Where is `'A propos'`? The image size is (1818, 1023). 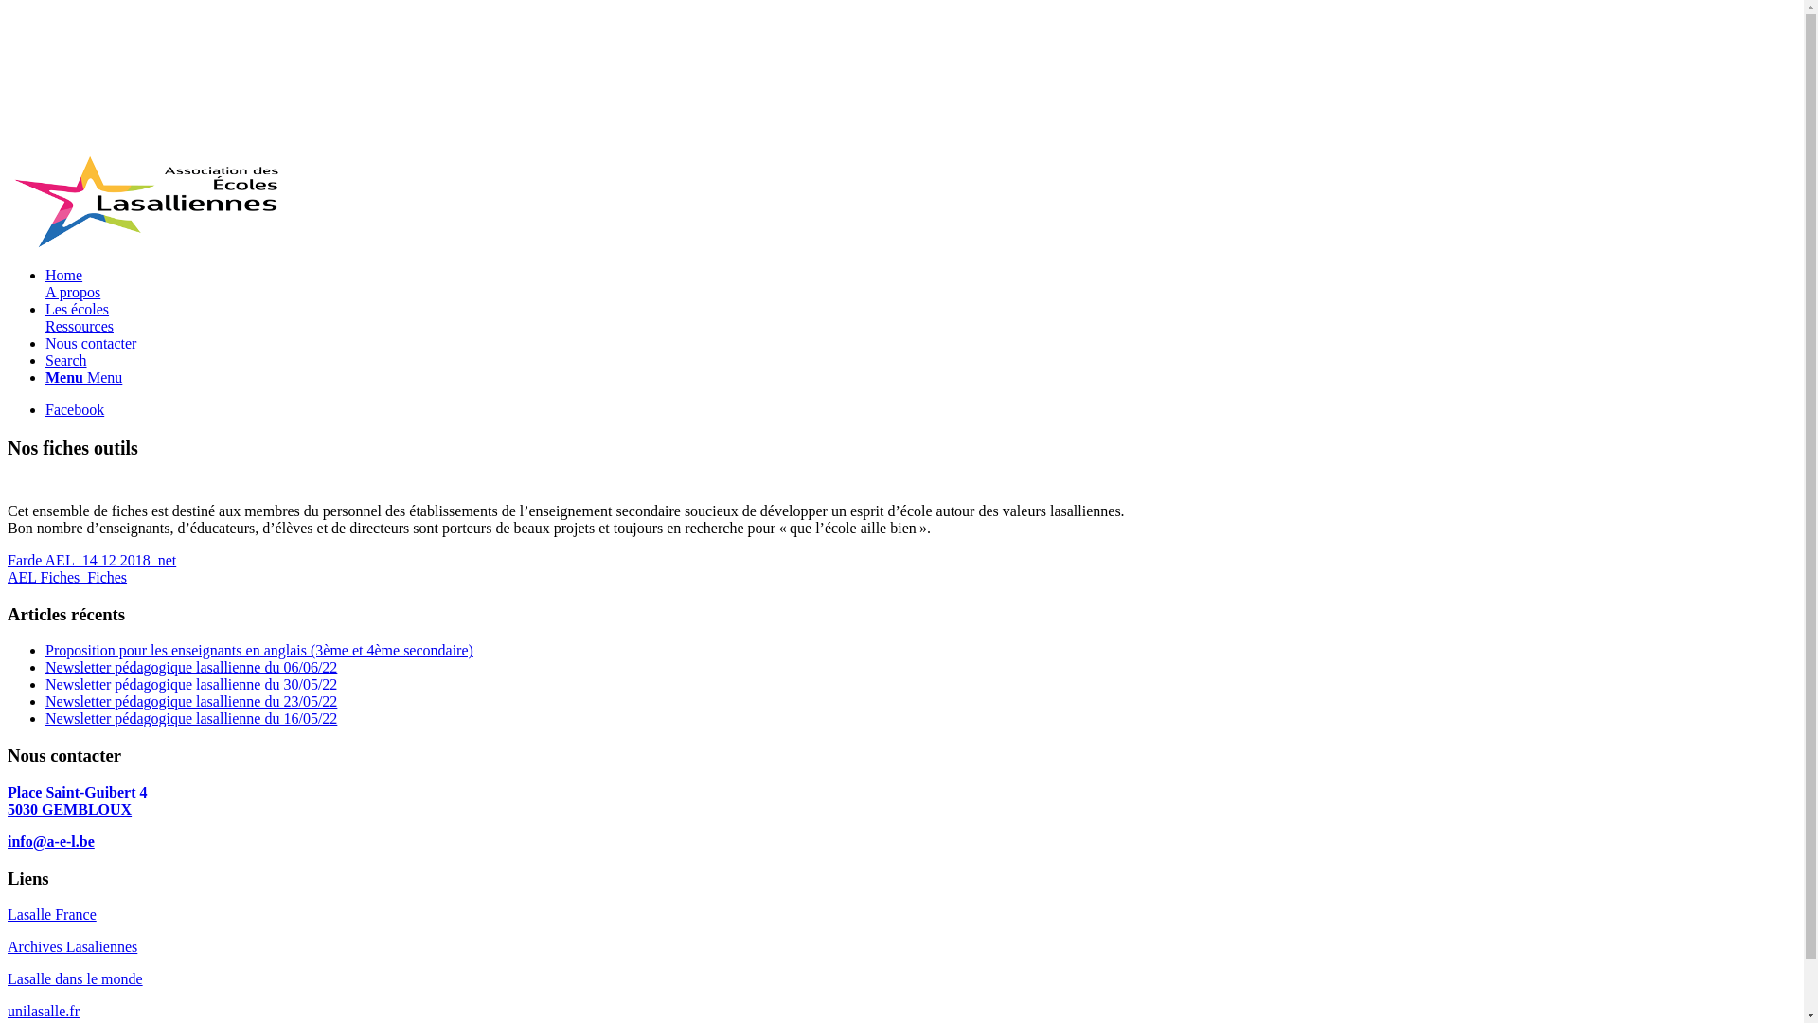 'A propos' is located at coordinates (72, 292).